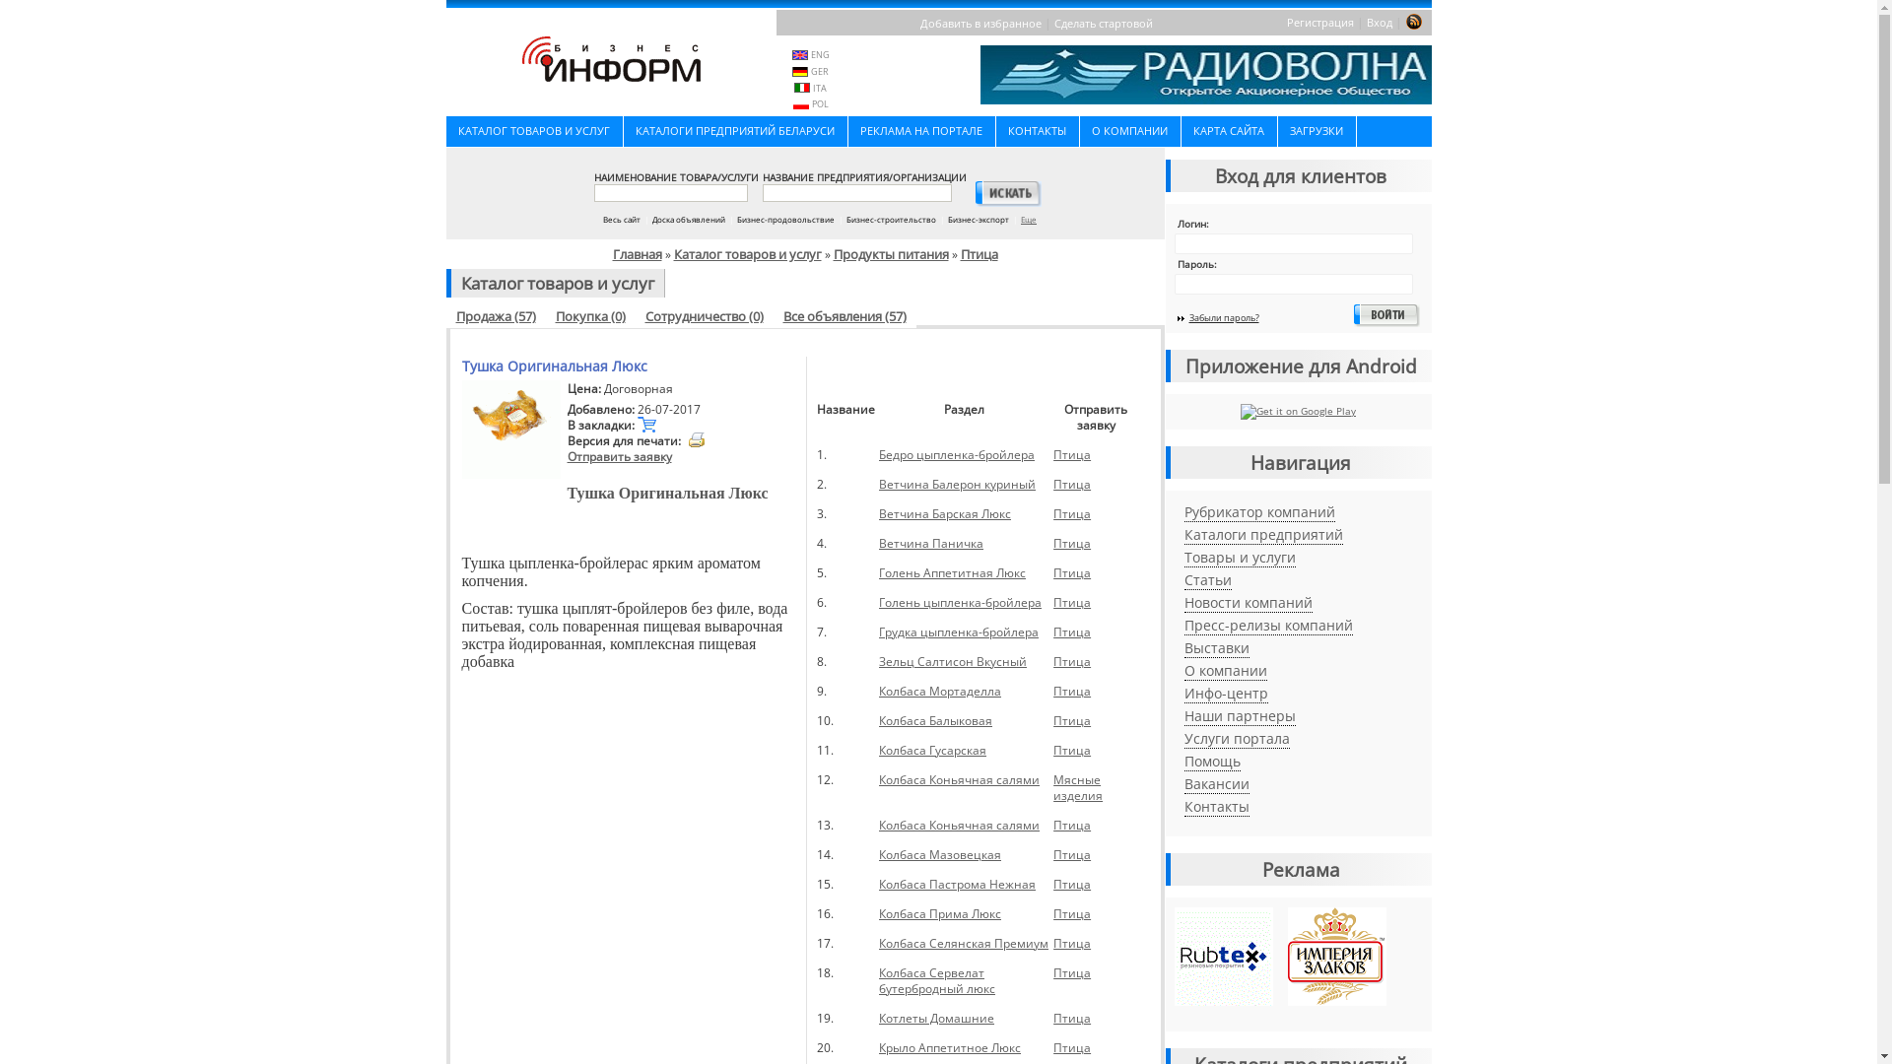  Describe the element at coordinates (820, 103) in the screenshot. I see `'POL'` at that location.